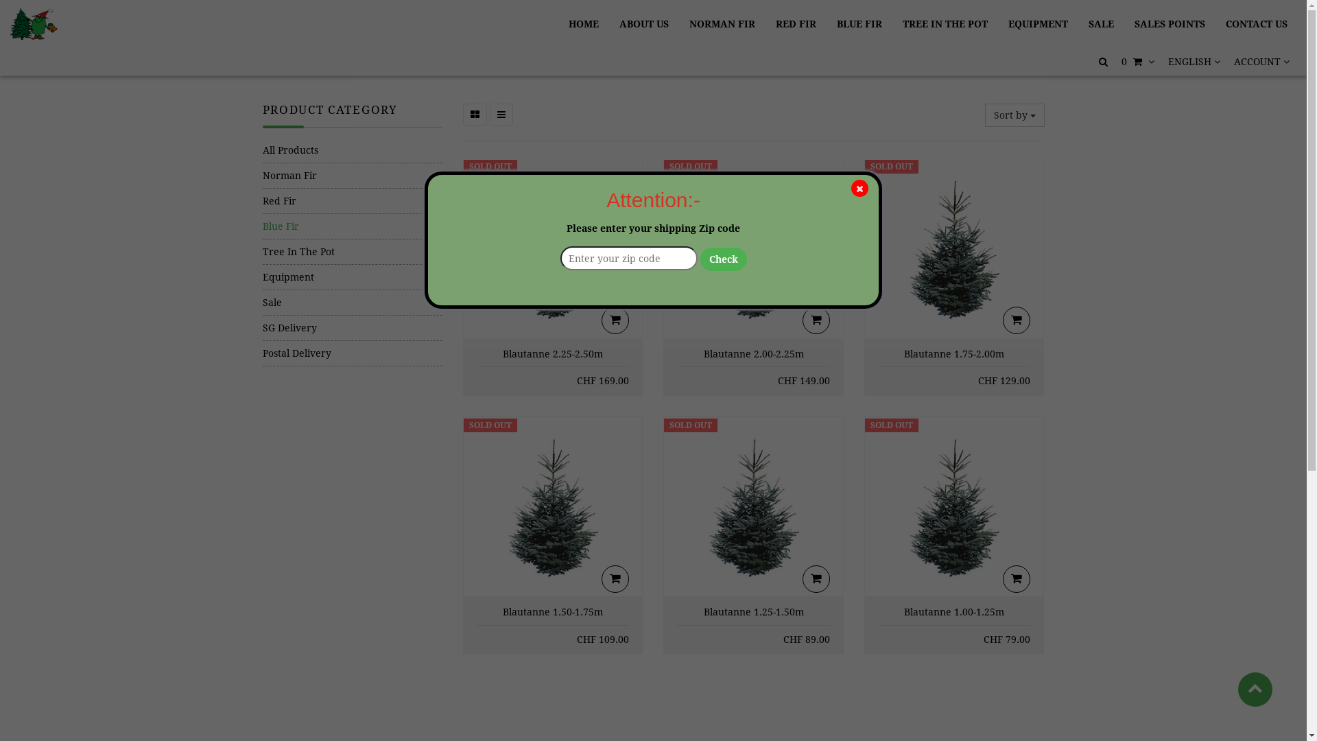 Image resolution: width=1317 pixels, height=741 pixels. I want to click on 'Add to Cart', so click(615, 320).